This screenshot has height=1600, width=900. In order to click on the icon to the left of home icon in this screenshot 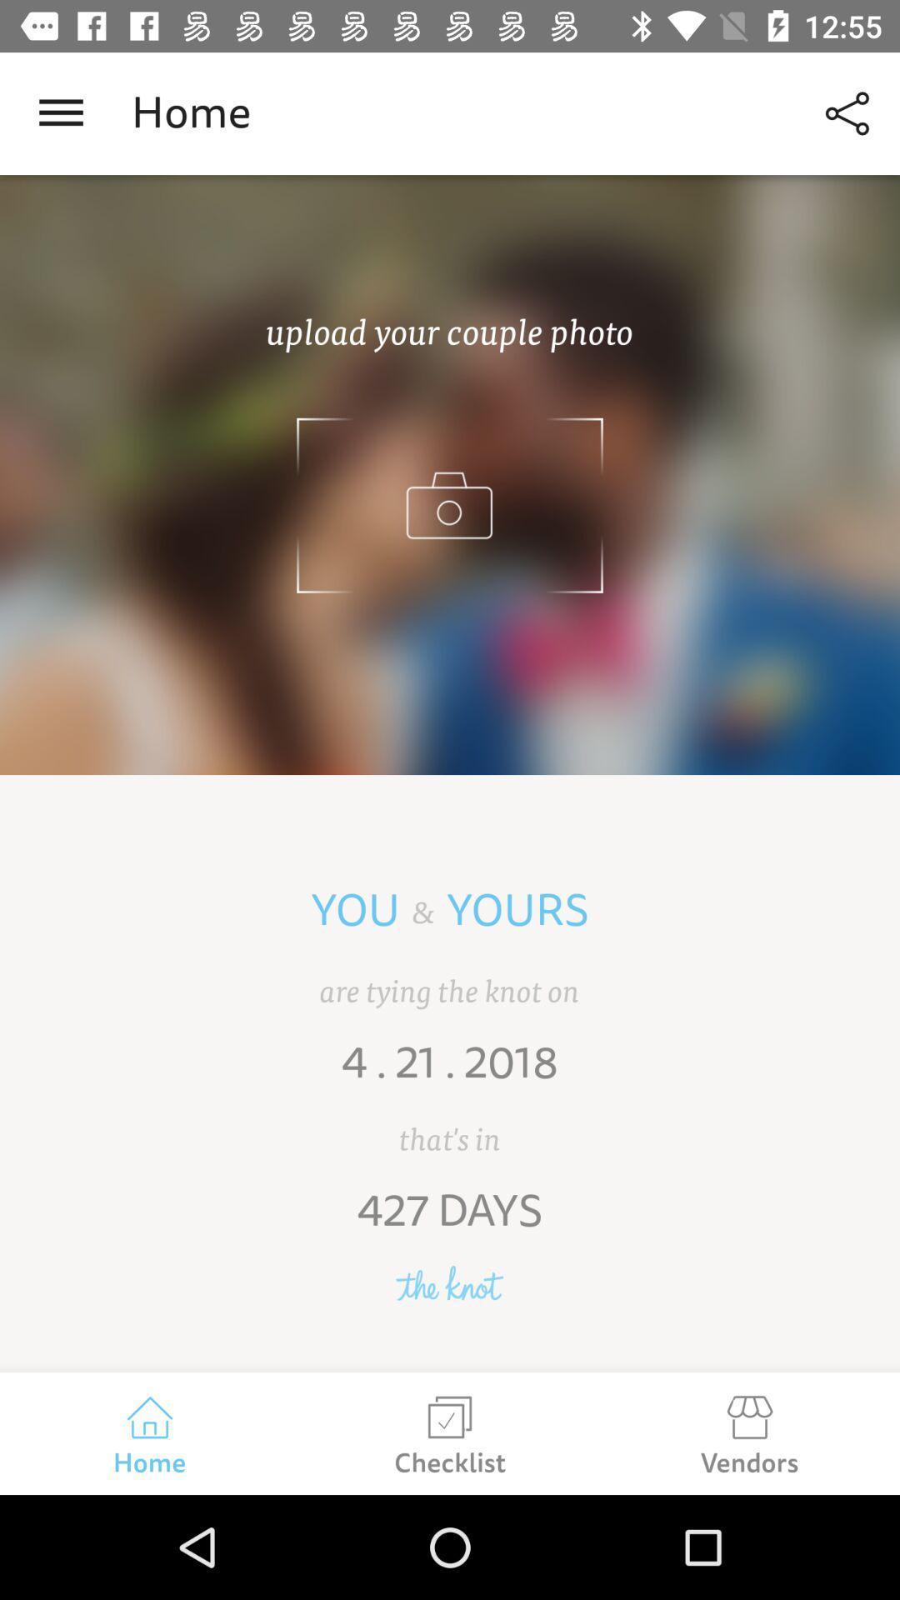, I will do `click(60, 112)`.